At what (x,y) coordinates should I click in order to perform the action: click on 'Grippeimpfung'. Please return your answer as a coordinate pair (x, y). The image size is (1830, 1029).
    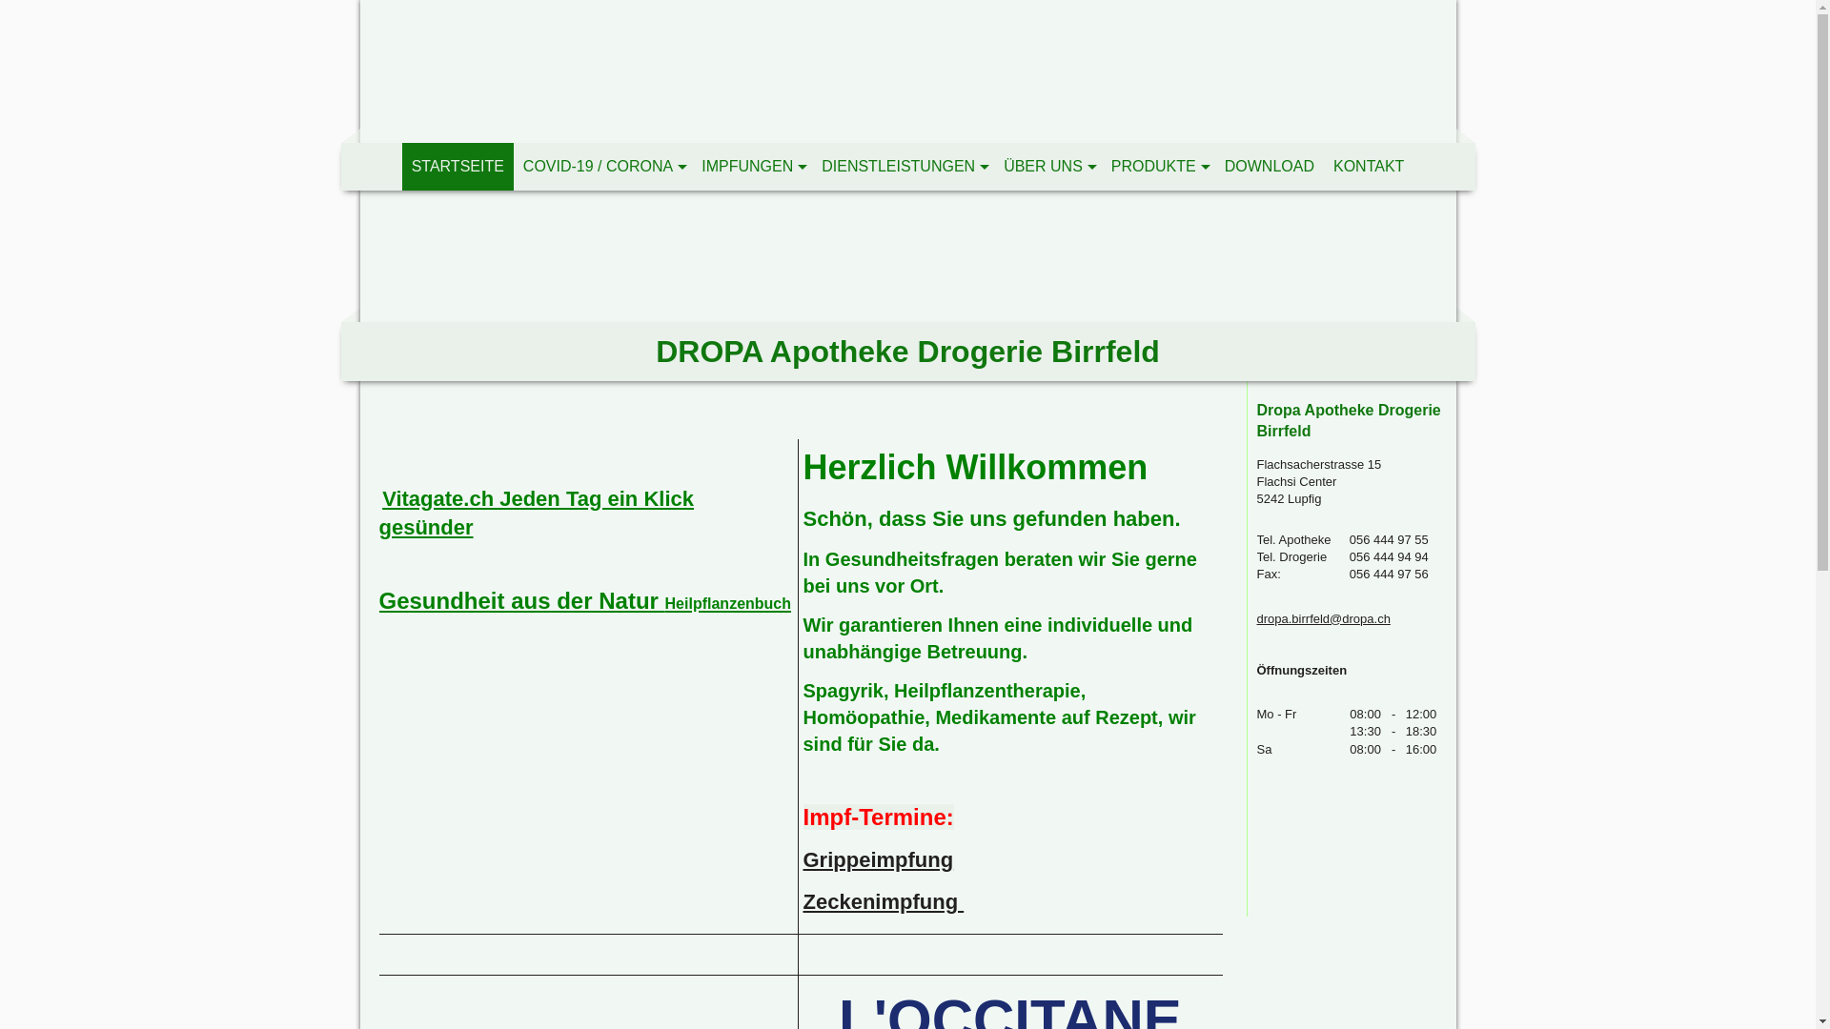
    Looking at the image, I should click on (877, 859).